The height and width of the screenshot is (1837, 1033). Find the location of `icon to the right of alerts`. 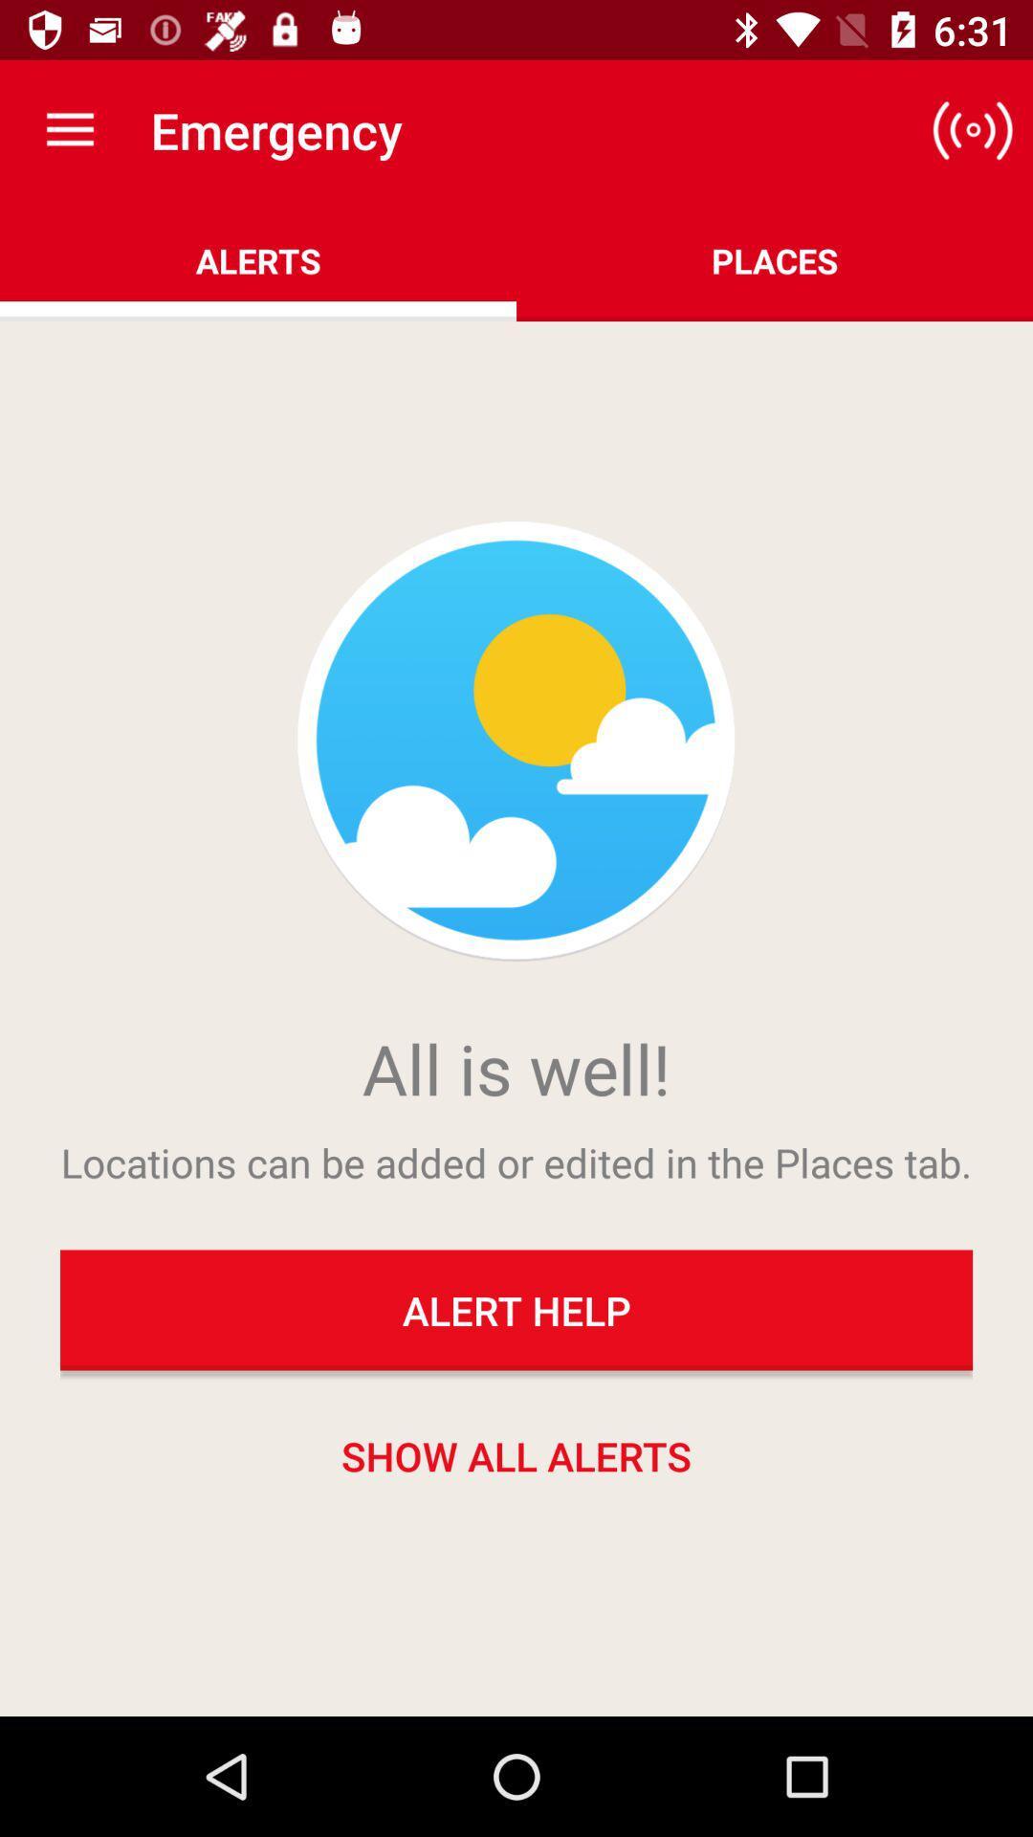

icon to the right of alerts is located at coordinates (973, 129).